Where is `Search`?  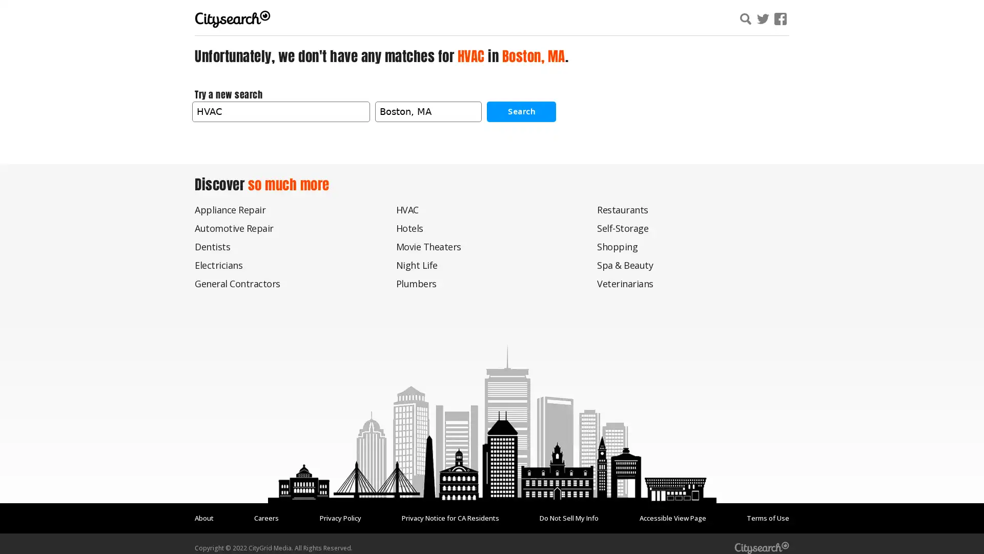 Search is located at coordinates (868, 20).